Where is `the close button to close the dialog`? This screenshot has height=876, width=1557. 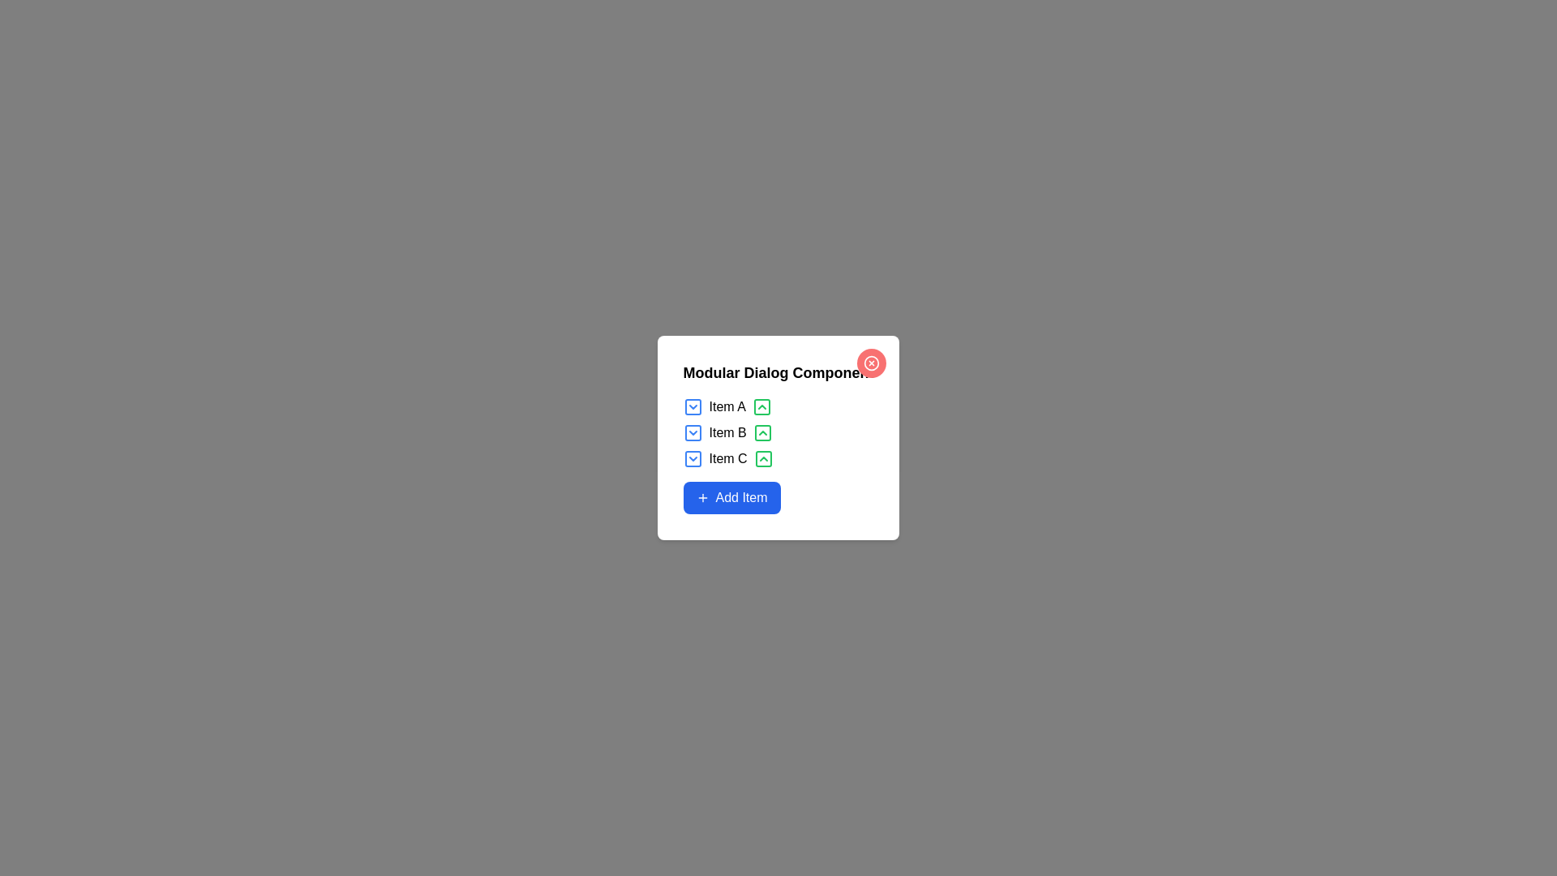
the close button to close the dialog is located at coordinates (871, 362).